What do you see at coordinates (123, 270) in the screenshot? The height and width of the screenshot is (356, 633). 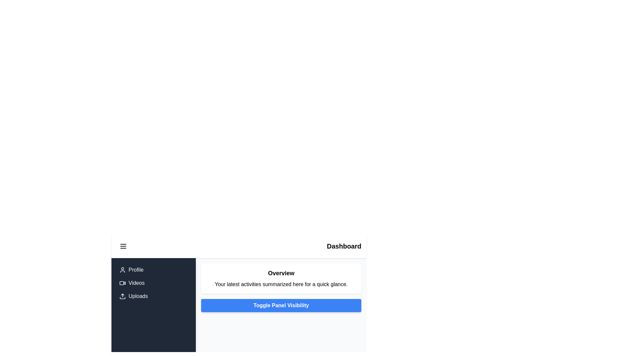 I see `the 'Profile' icon located in the left navigation menu, which is the first icon next to the 'Profile' text` at bounding box center [123, 270].